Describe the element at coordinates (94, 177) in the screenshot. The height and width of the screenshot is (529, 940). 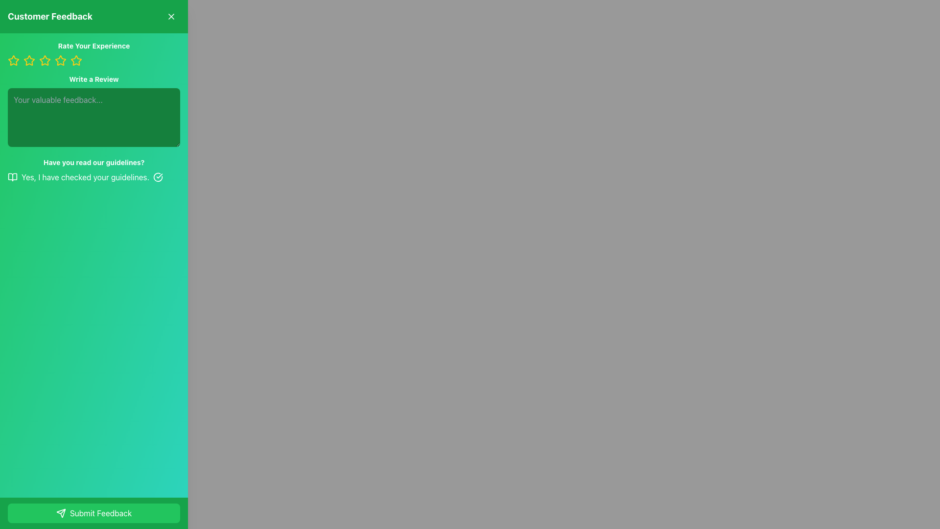
I see `the guidelines by interacting with the checkbox, icon, and text group located below the question 'Have you read our guidelines?'` at that location.